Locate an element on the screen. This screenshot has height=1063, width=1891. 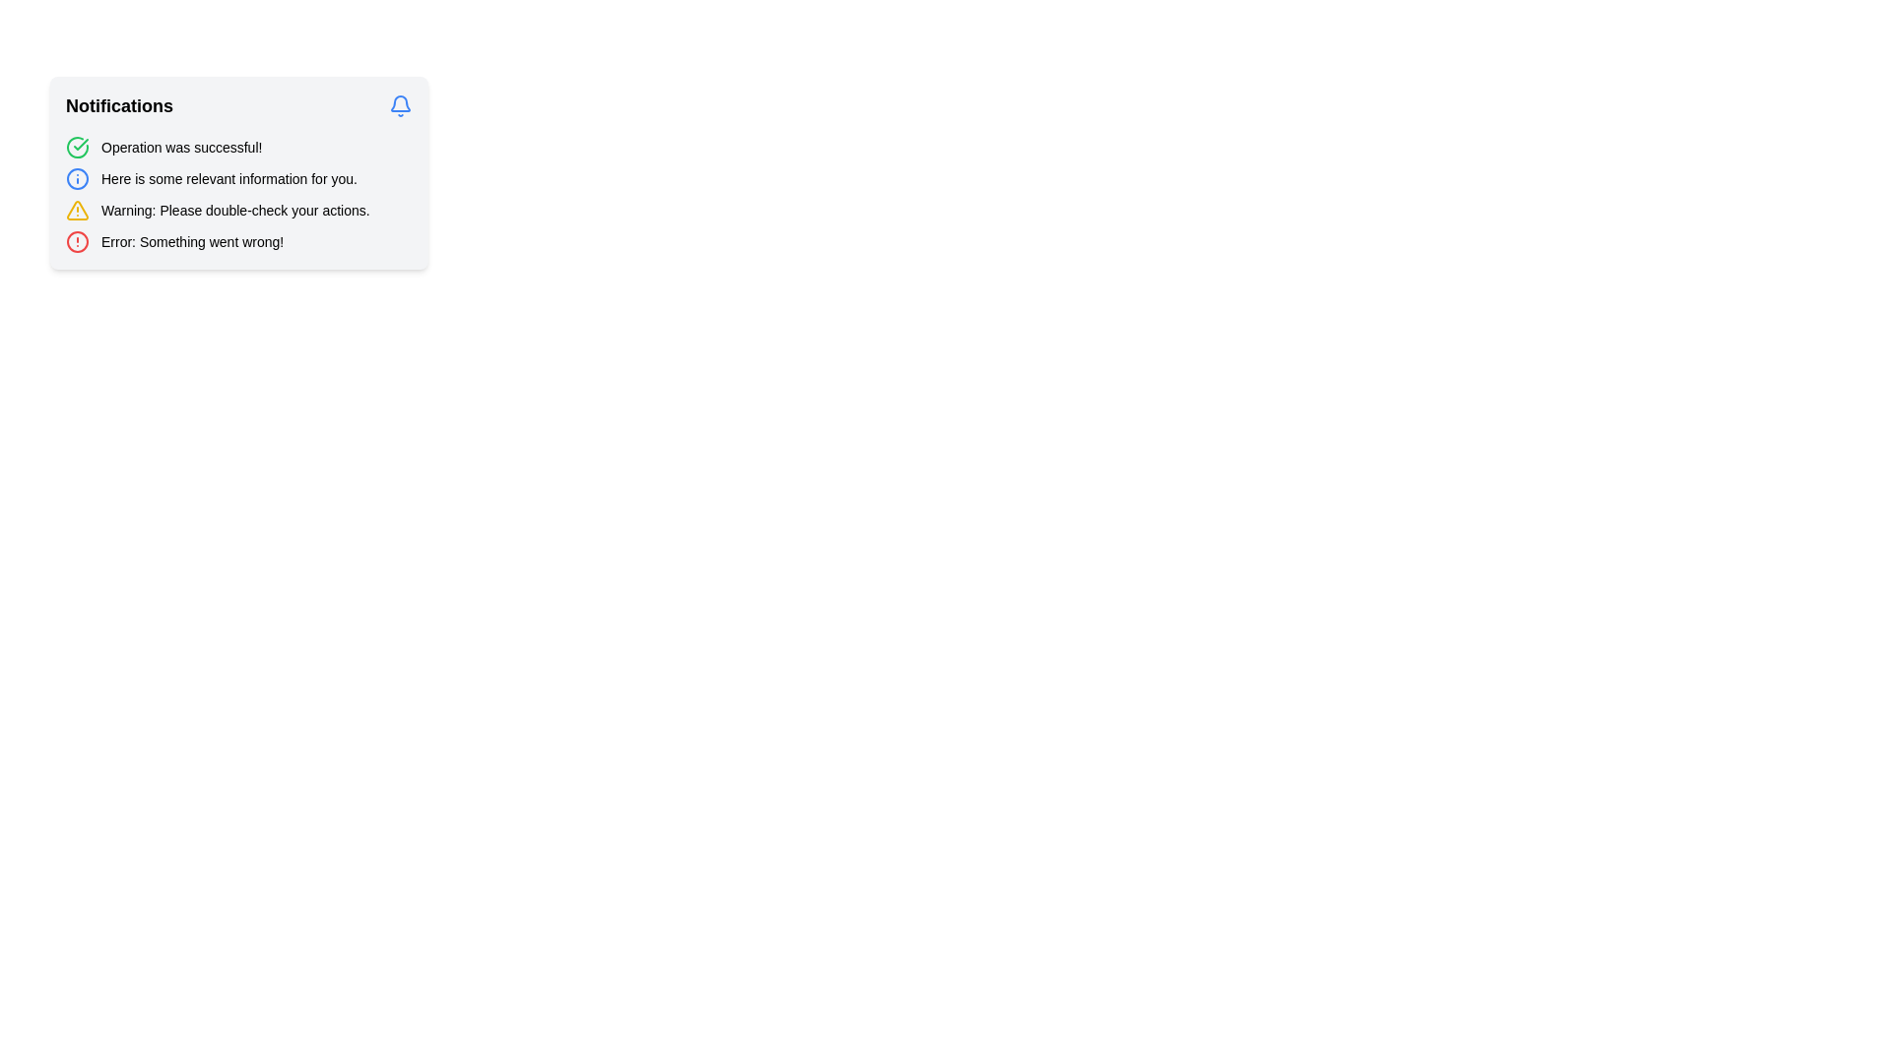
the green circular icon with a check mark inside it, which indicates a successful operation, located at the top of the notification panel is located at coordinates (77, 147).